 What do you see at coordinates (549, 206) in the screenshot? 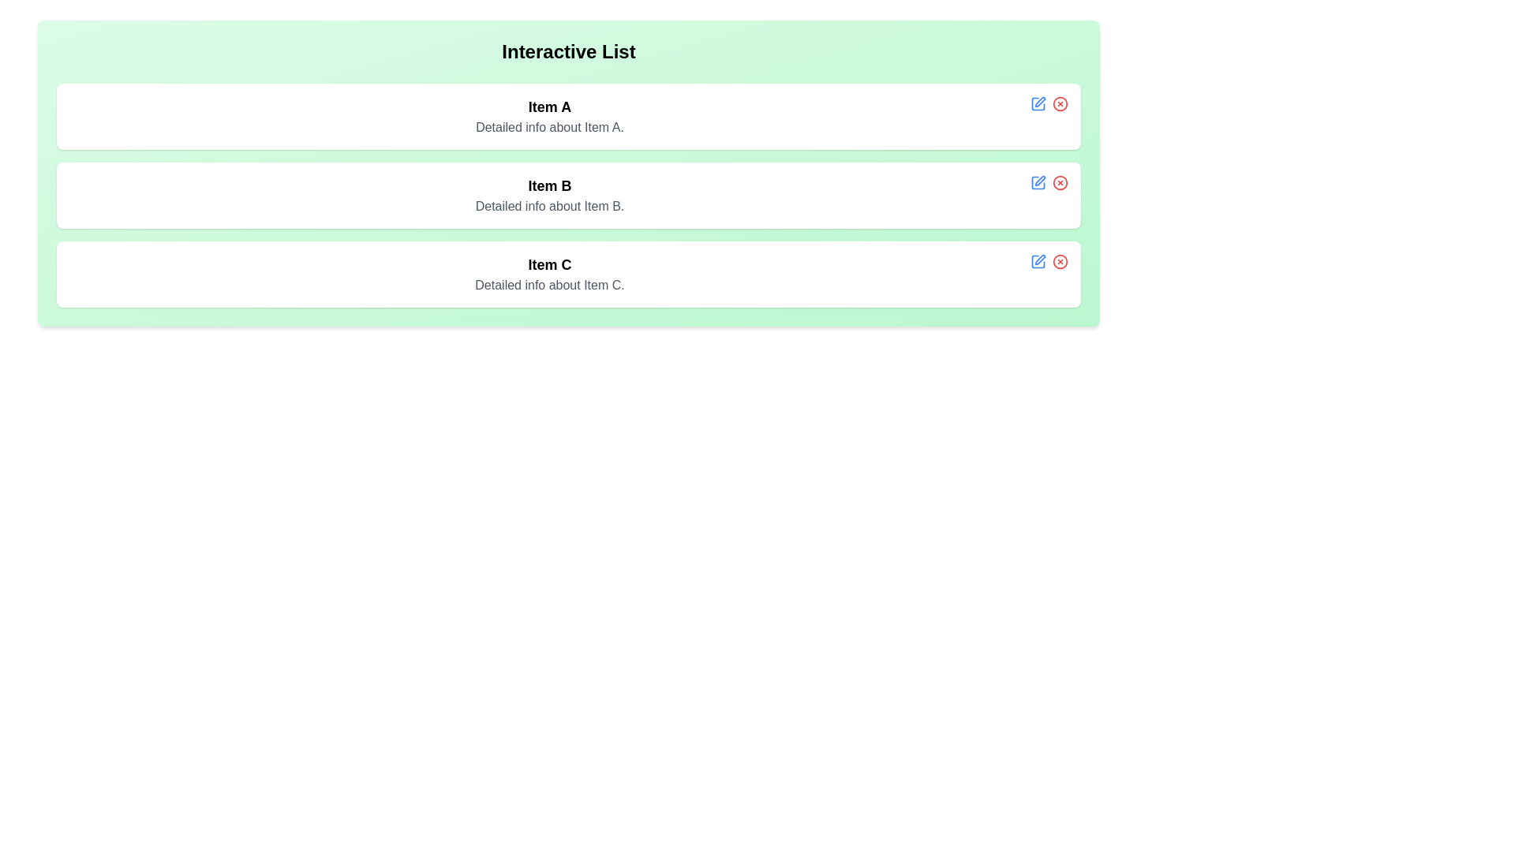
I see `the text label that provides additional details for 'Item B', located directly beneath the title 'Item B' in the vertically stacked list of items` at bounding box center [549, 206].